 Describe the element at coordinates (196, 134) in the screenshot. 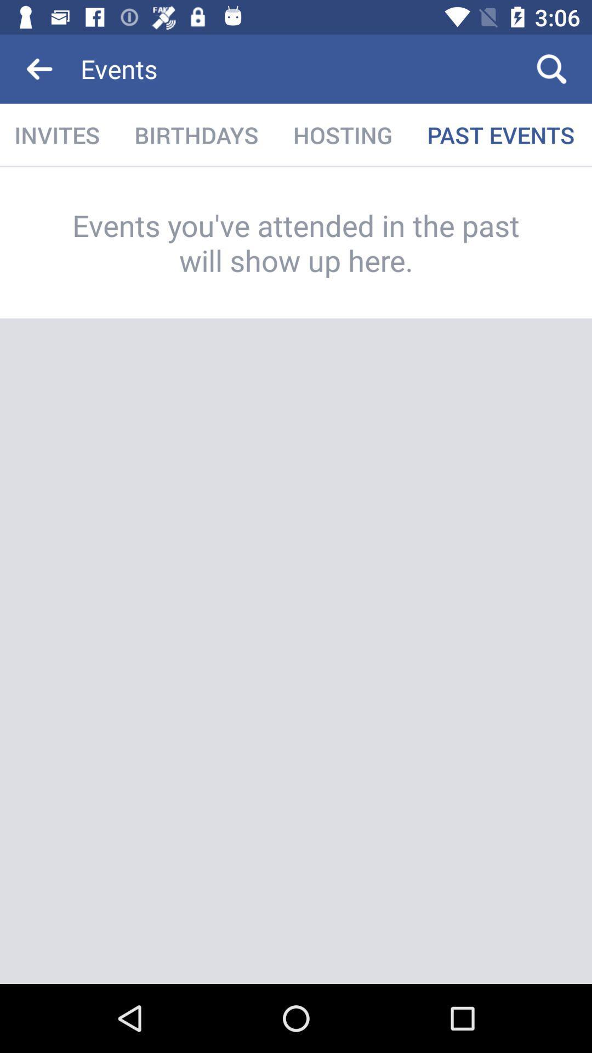

I see `the item next to hosting item` at that location.